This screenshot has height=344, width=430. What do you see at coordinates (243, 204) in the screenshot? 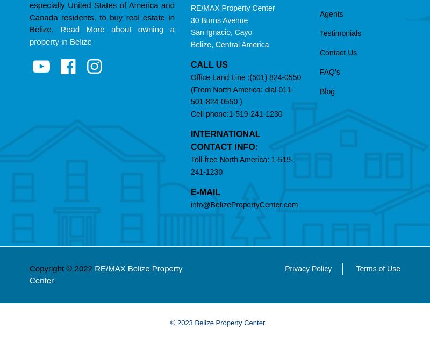
I see `'info@BelizePropertyCenter.com'` at bounding box center [243, 204].